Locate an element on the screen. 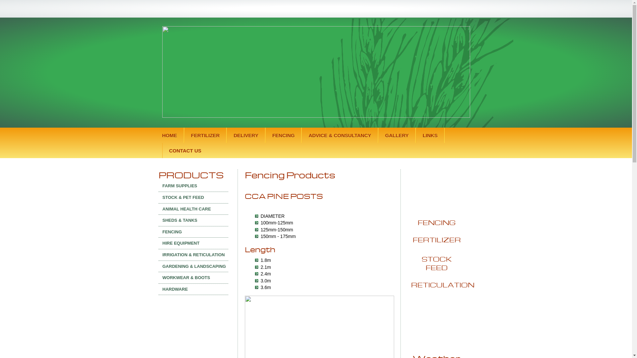 This screenshot has width=637, height=358. 'CONTACT US' is located at coordinates (184, 150).